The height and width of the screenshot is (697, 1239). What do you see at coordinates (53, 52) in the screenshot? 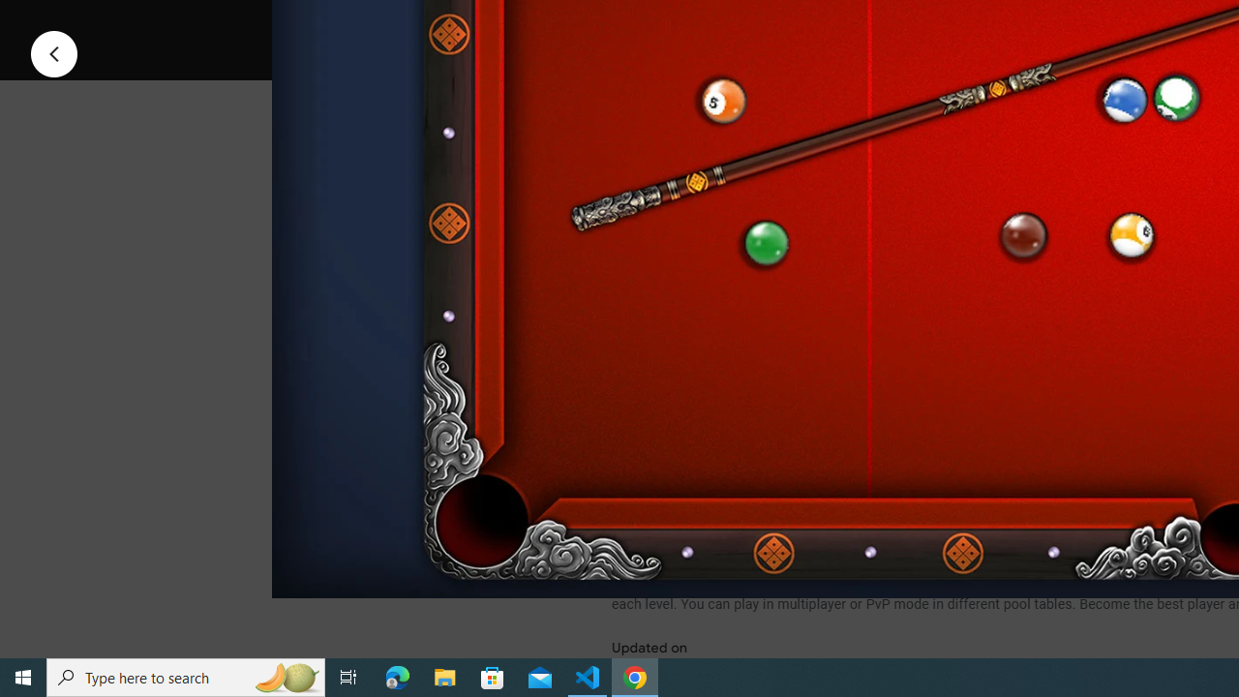
I see `'Previous'` at bounding box center [53, 52].